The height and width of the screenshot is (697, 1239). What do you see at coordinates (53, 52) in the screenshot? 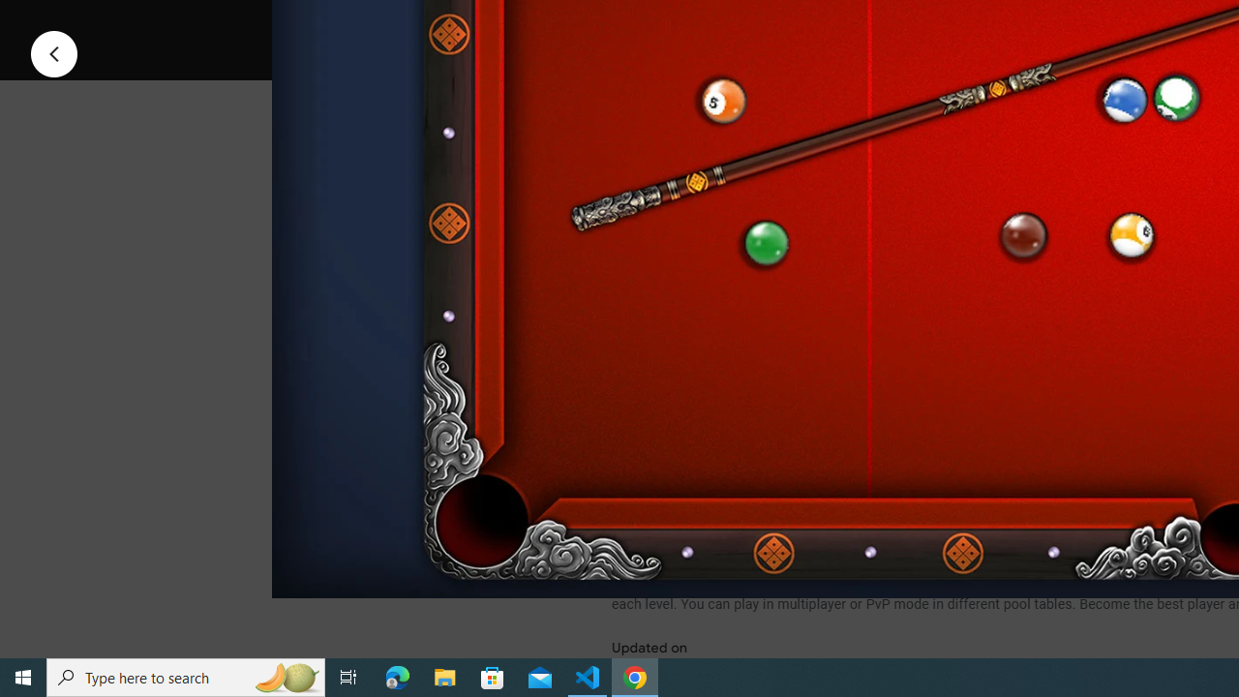
I see `'Previous'` at bounding box center [53, 52].